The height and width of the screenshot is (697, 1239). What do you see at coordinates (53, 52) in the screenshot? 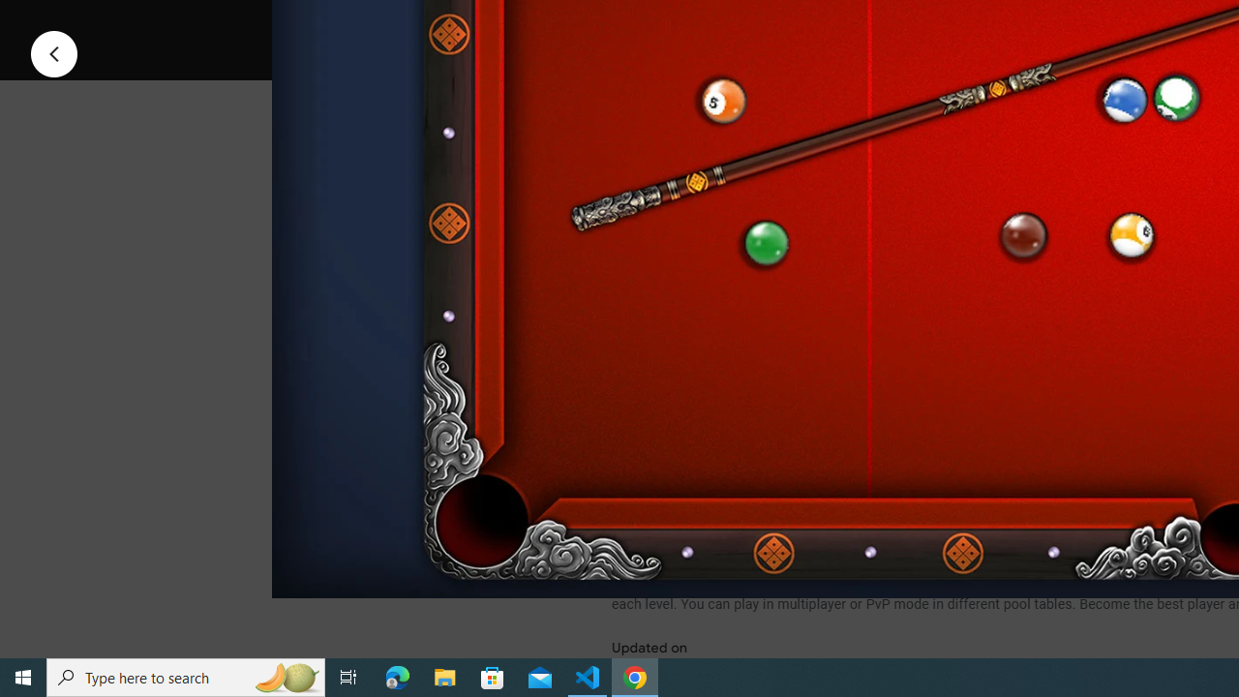
I see `'Previous'` at bounding box center [53, 52].